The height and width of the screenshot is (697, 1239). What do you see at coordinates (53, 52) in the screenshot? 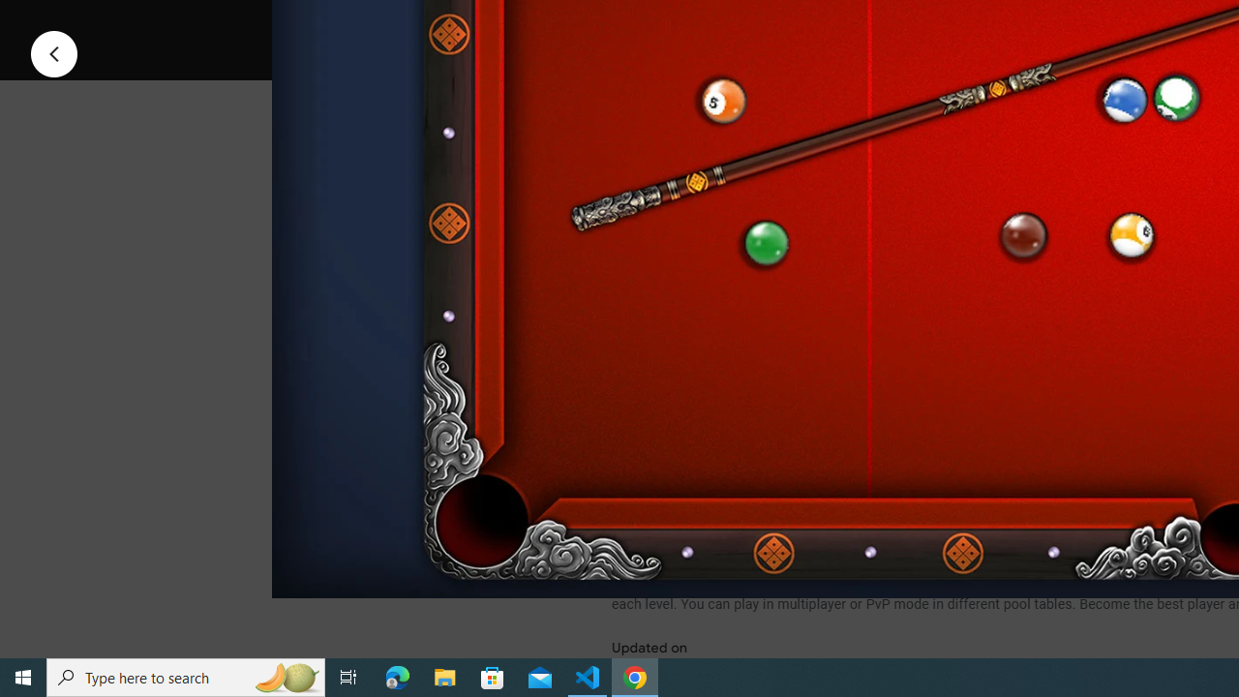
I see `'Previous'` at bounding box center [53, 52].